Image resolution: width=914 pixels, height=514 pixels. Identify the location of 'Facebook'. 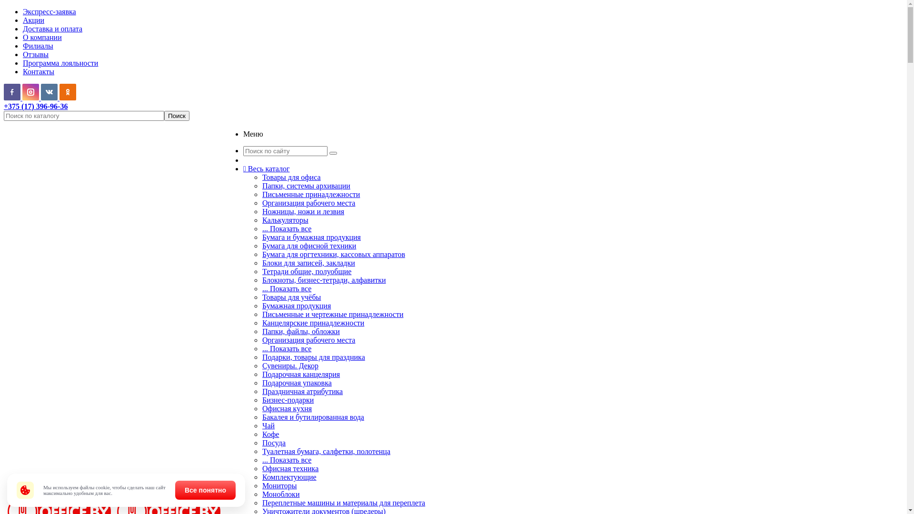
(12, 92).